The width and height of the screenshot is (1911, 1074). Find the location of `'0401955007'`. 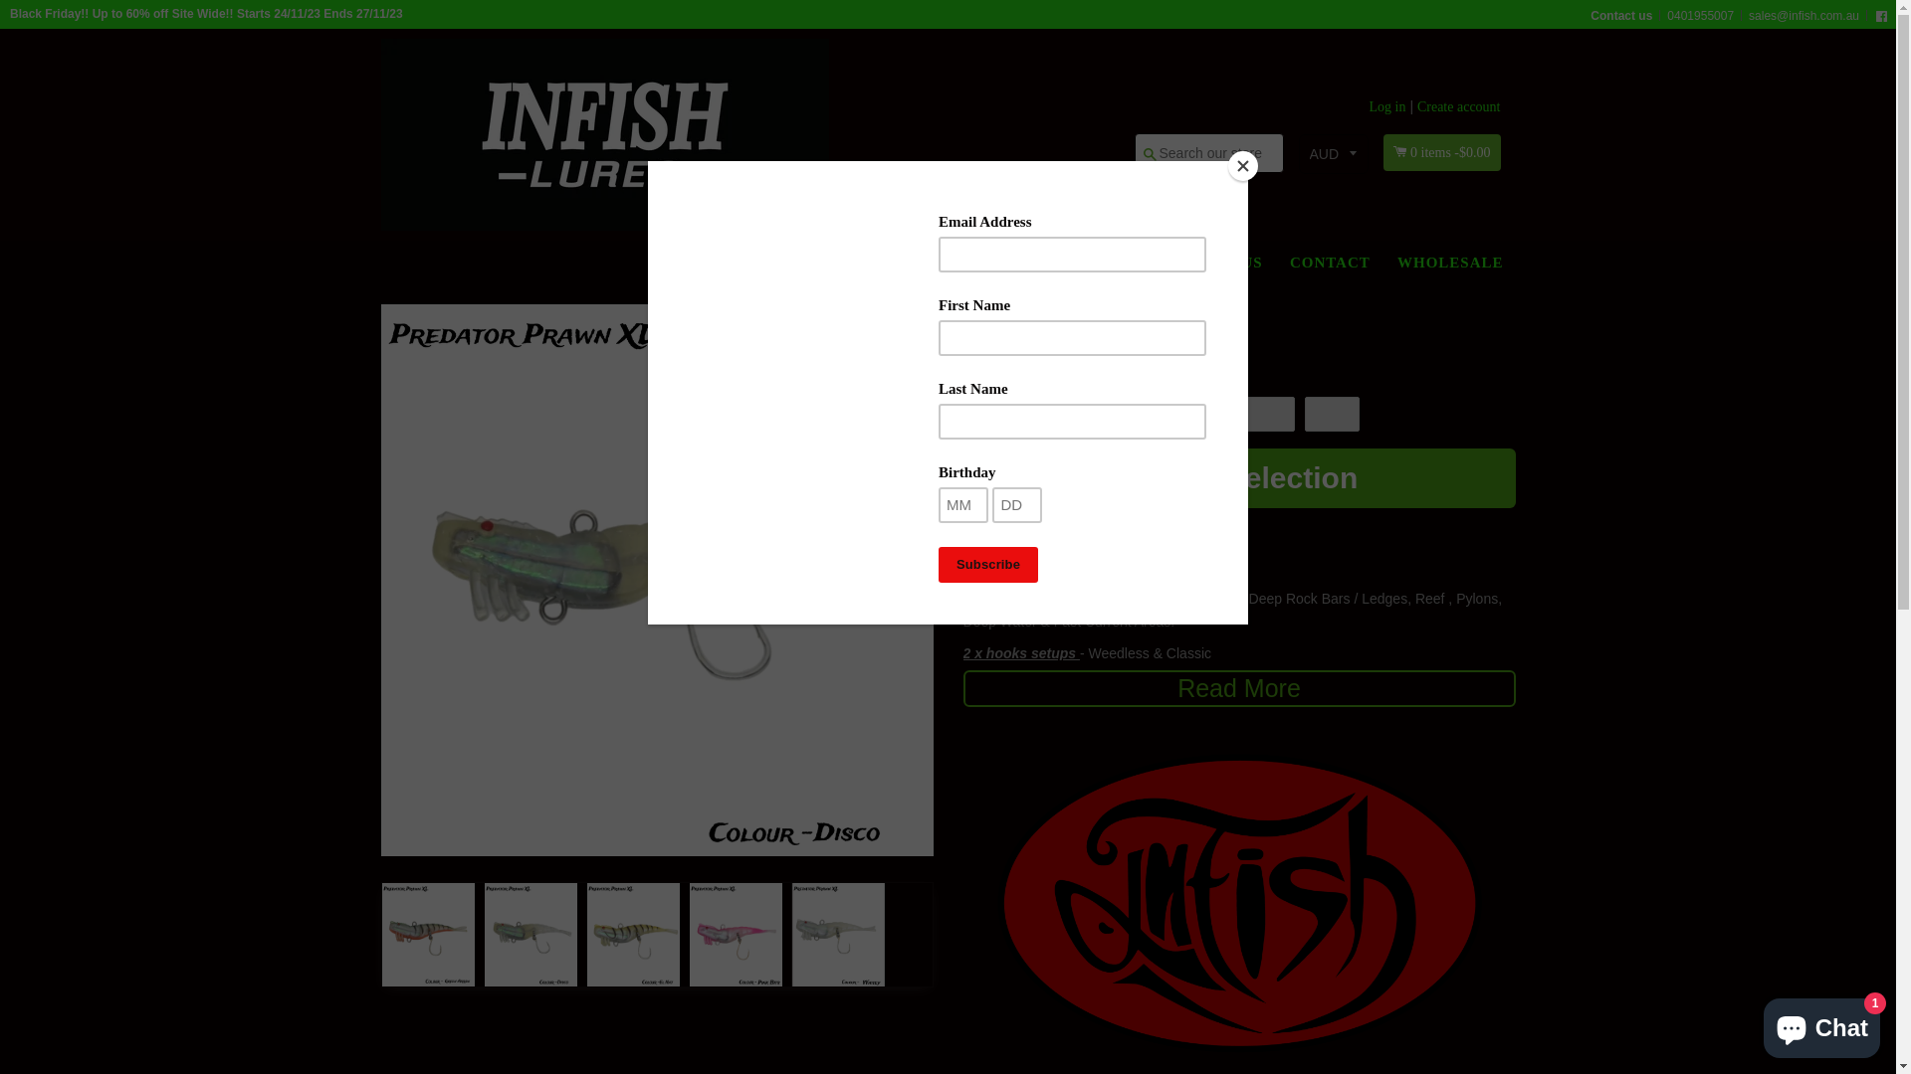

'0401955007' is located at coordinates (1660, 15).